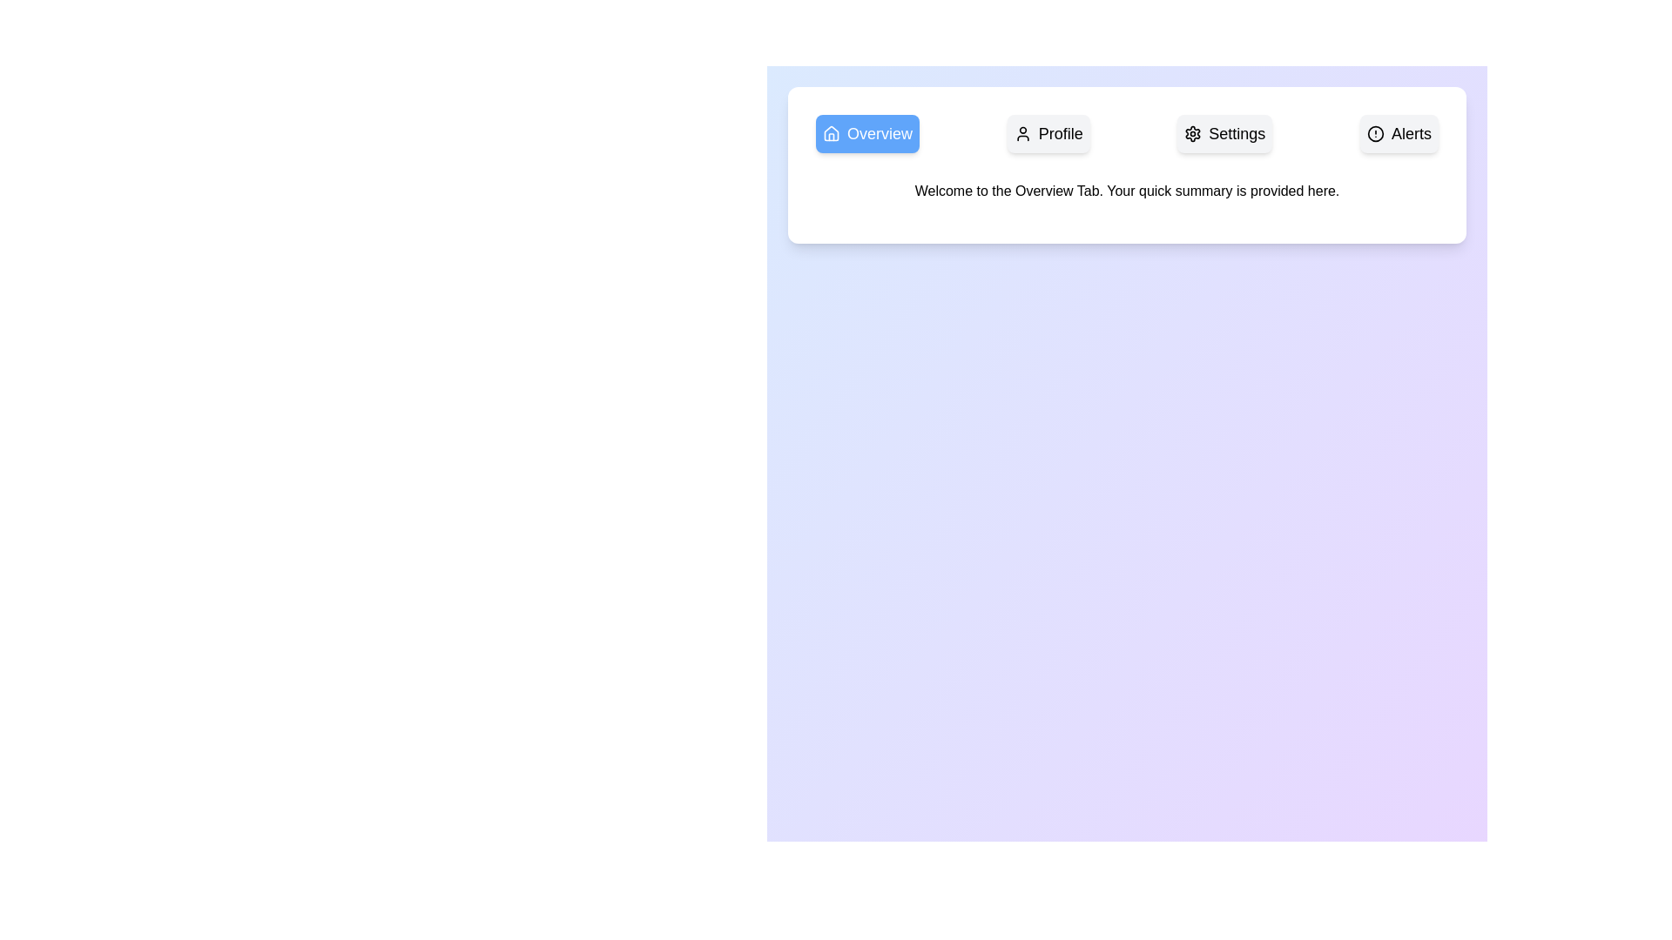 Image resolution: width=1672 pixels, height=940 pixels. What do you see at coordinates (1399, 133) in the screenshot?
I see `the 'Alerts' button, which has rounded corners, a light-gray background, an icon of a circle with an exclamation mark, and bold black text` at bounding box center [1399, 133].